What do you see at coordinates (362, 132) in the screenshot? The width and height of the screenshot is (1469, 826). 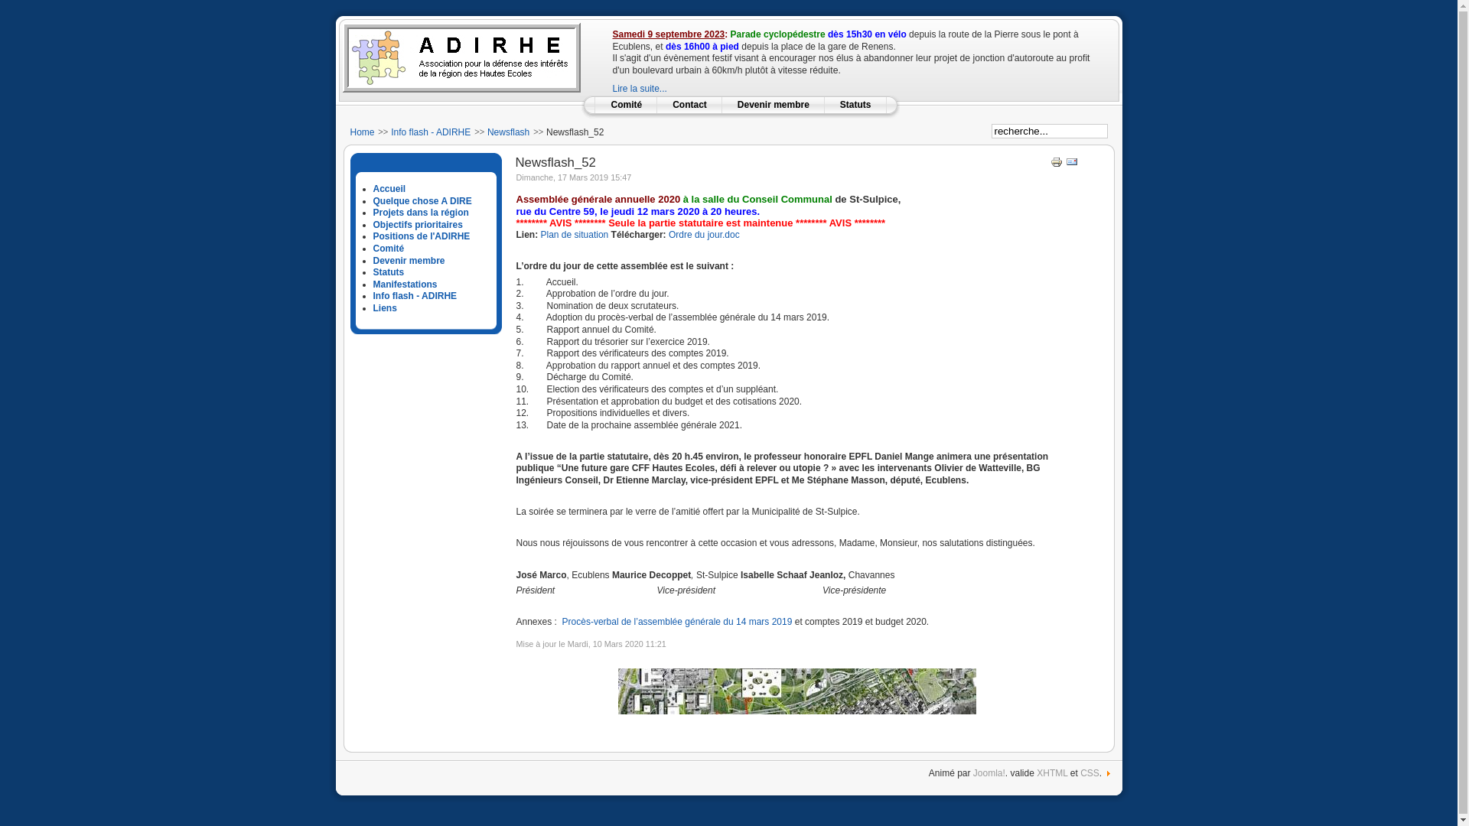 I see `'Home'` at bounding box center [362, 132].